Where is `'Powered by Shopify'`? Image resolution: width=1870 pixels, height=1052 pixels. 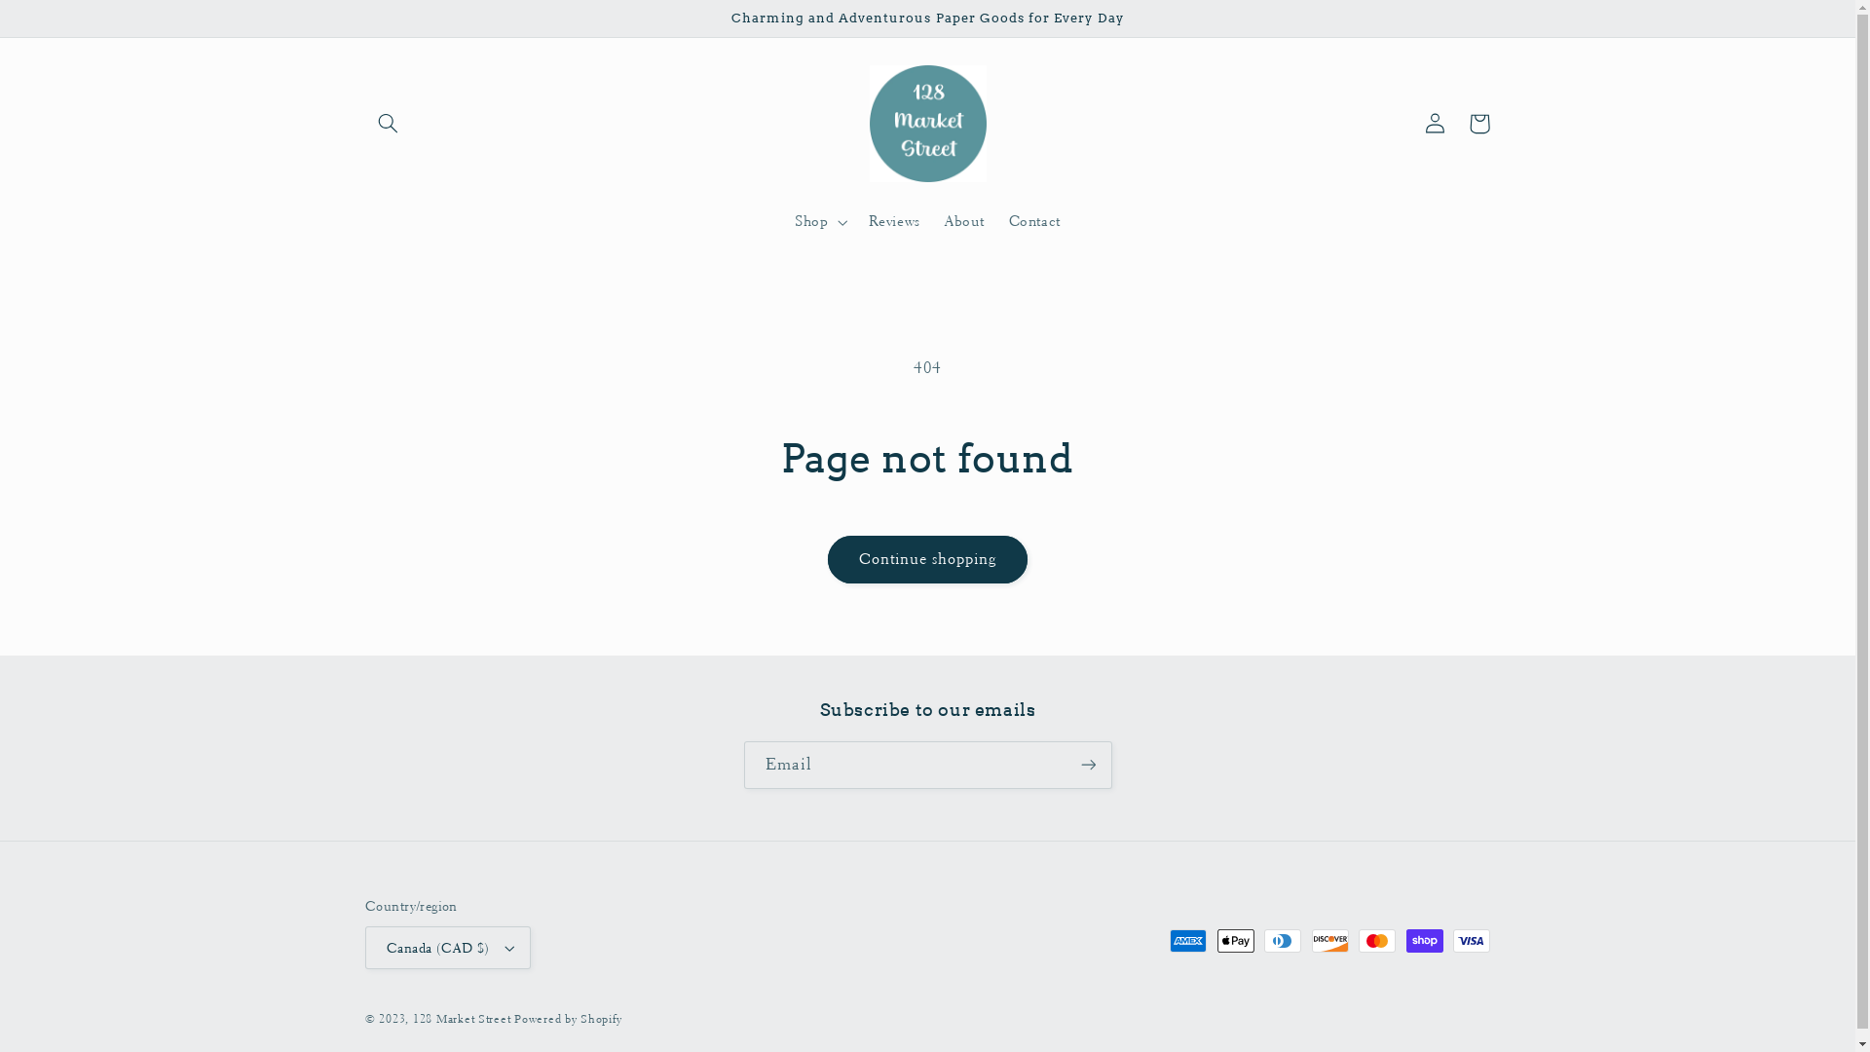
'Powered by Shopify' is located at coordinates (566, 1018).